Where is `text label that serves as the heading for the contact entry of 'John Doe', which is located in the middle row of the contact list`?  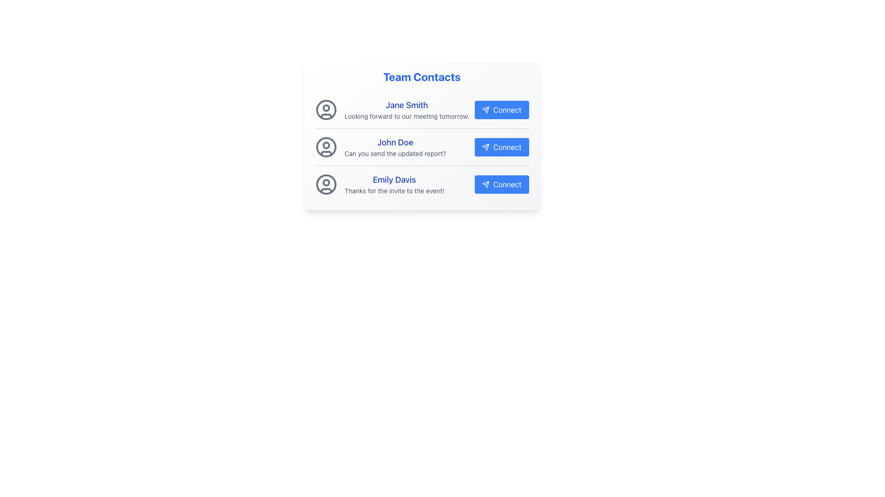
text label that serves as the heading for the contact entry of 'John Doe', which is located in the middle row of the contact list is located at coordinates (395, 142).